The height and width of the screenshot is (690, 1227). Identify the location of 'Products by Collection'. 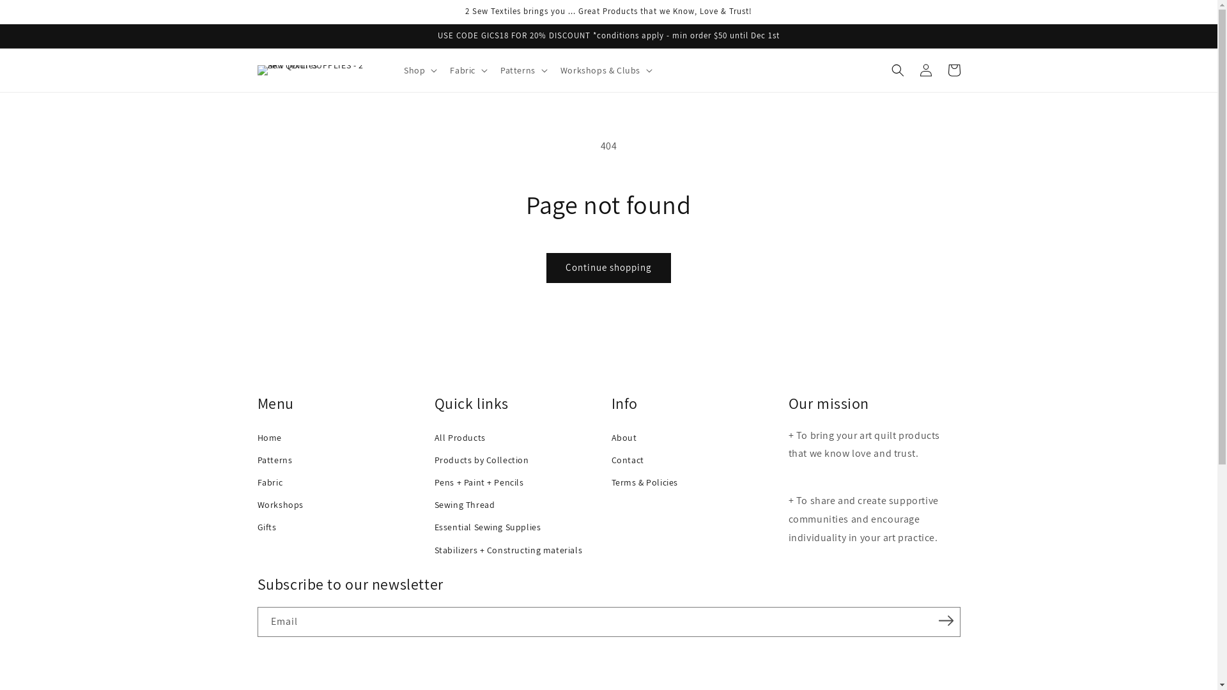
(520, 460).